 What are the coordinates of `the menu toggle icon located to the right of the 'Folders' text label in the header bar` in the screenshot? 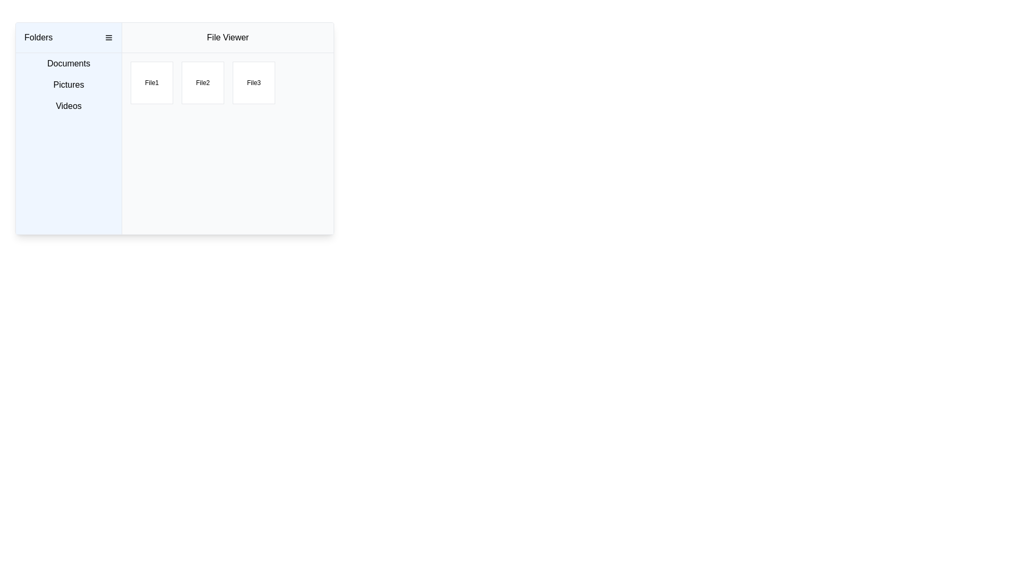 It's located at (109, 37).